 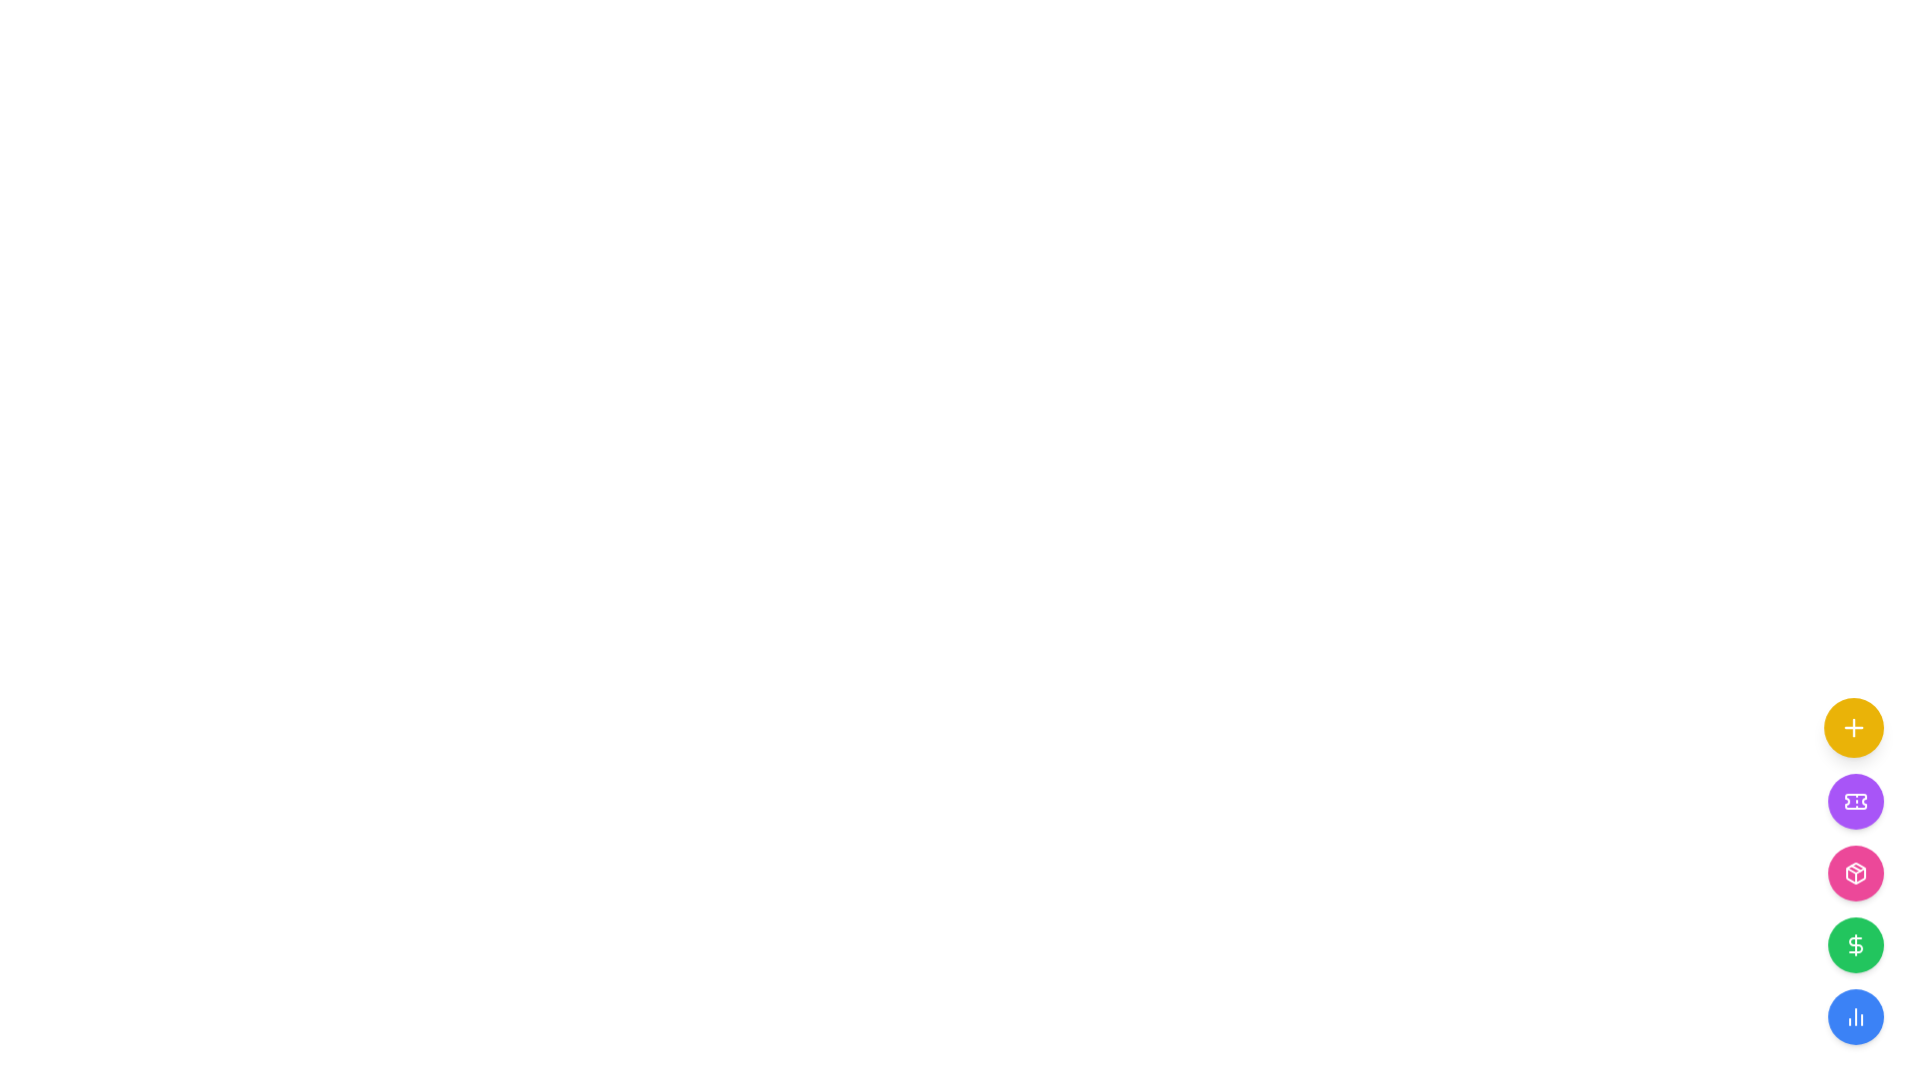 What do you see at coordinates (1855, 872) in the screenshot?
I see `the pink circular button with a package icon located between the purple ticket button and the green dollar sign button` at bounding box center [1855, 872].